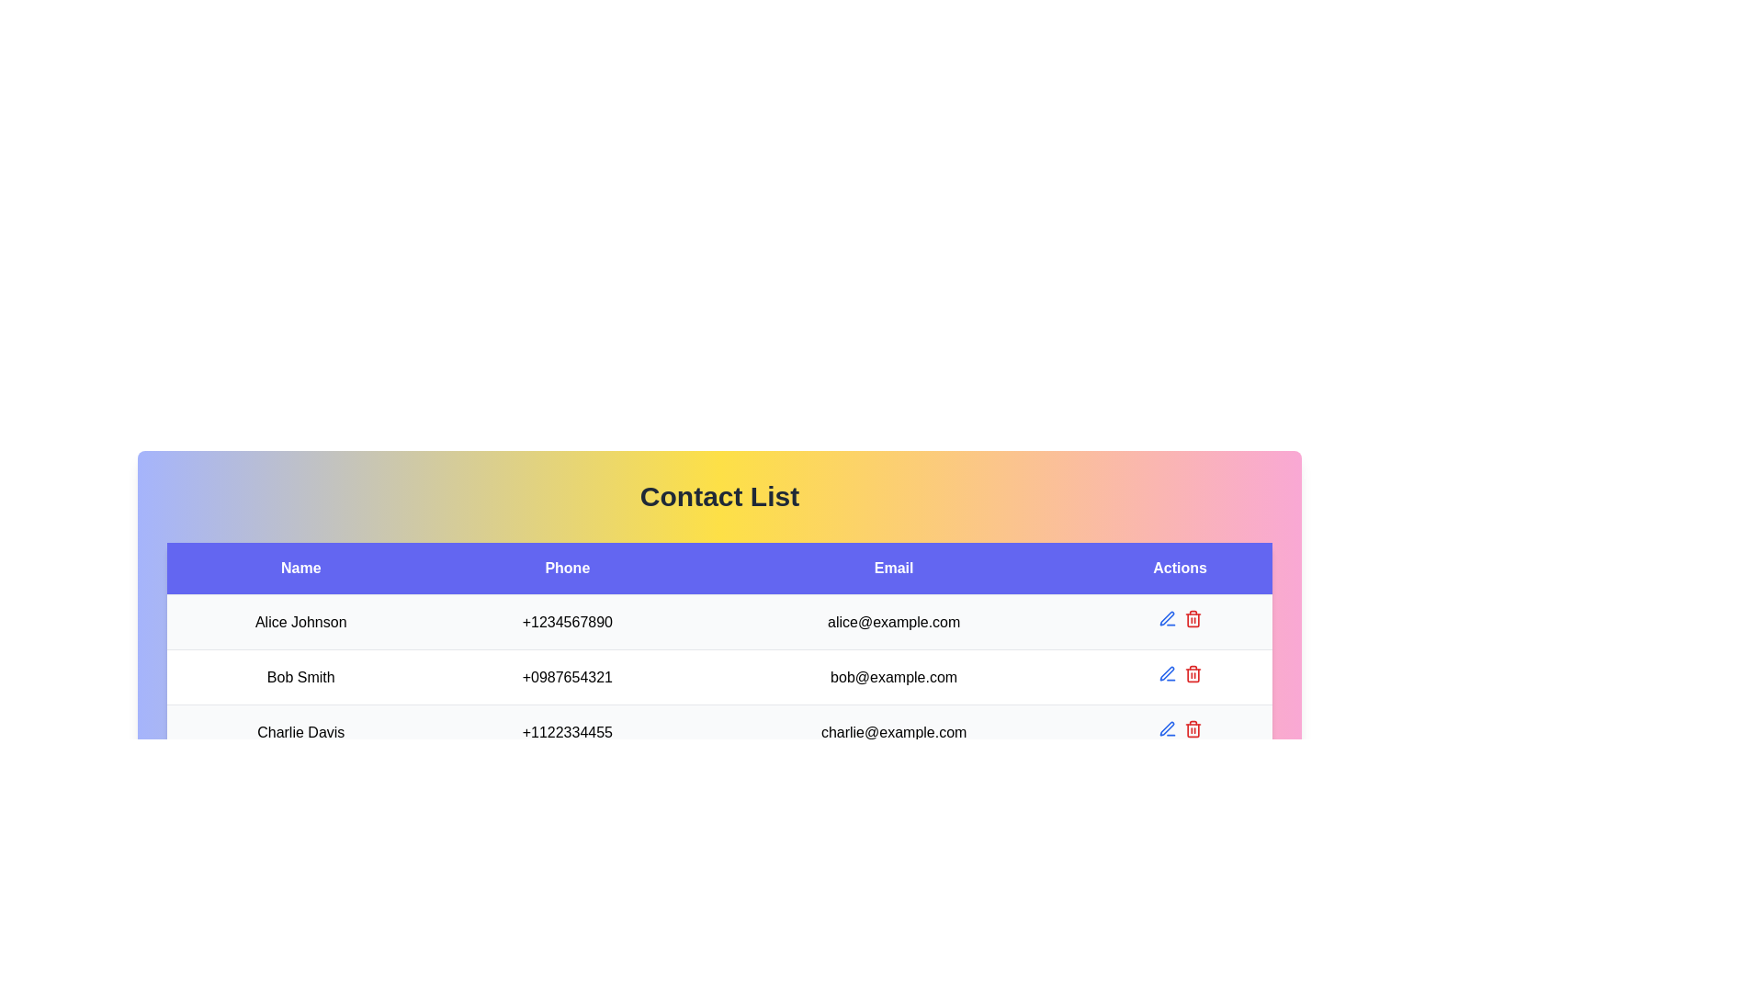 Image resolution: width=1764 pixels, height=992 pixels. Describe the element at coordinates (1166, 618) in the screenshot. I see `the pen tip icon button in the 'Actions' column of the second row` at that location.